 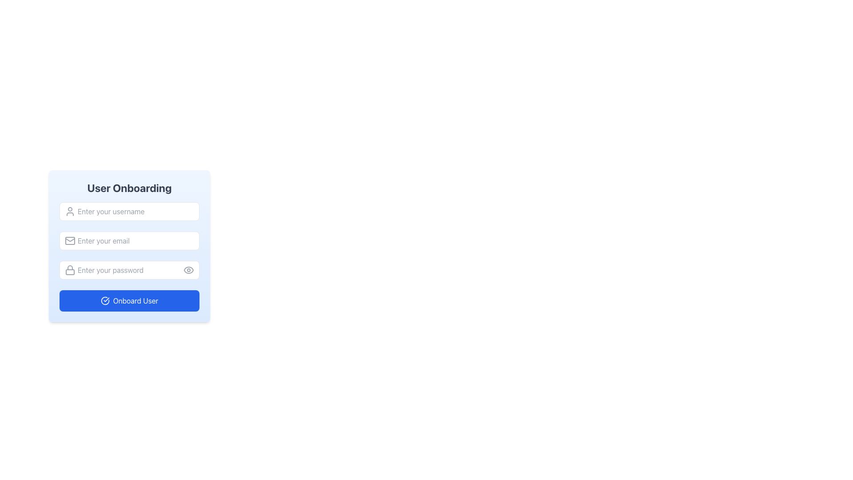 I want to click on the circular progress or status icon segment located below the 'Onboard User' button, which is part of the checkmark icon's SVG, so click(x=105, y=300).